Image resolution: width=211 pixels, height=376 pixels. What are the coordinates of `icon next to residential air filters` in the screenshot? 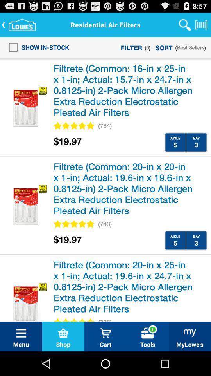 It's located at (184, 24).